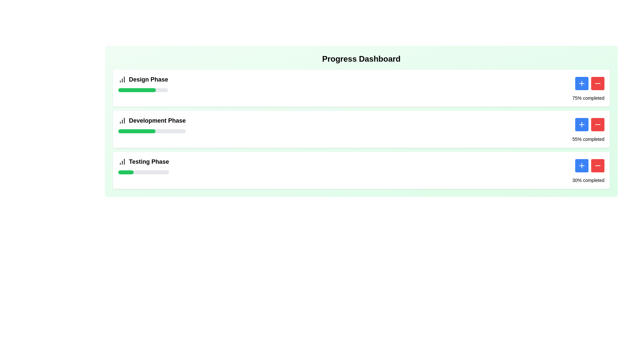 The image size is (638, 358). What do you see at coordinates (598, 83) in the screenshot?
I see `the red circular button with a minus symbol icon, located on the right side of the 'Design Phase' section of the dashboard, to decrement the associated value` at bounding box center [598, 83].